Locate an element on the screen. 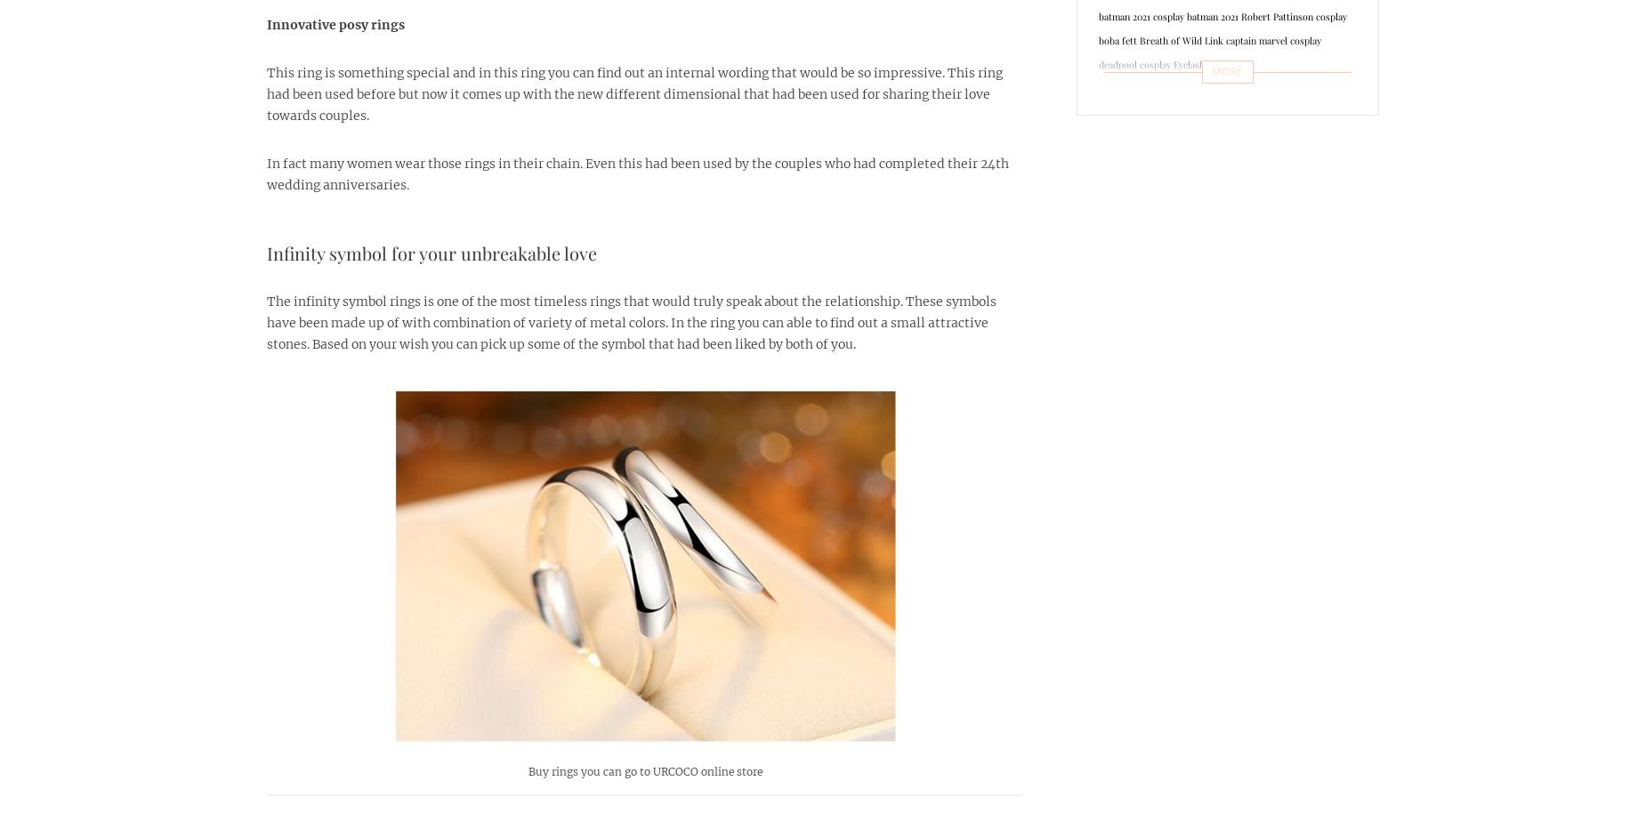 The image size is (1646, 813). 'Halloween costumes' is located at coordinates (1291, 106).